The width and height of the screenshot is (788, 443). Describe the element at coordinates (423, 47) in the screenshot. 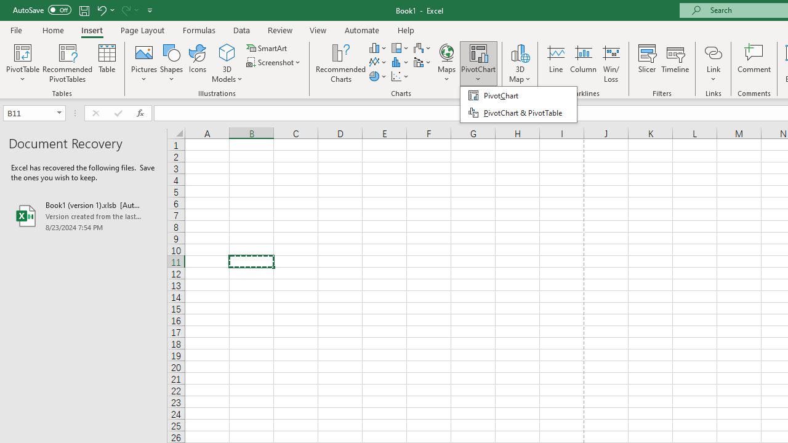

I see `'Insert Waterfall, Funnel, Stock, Surface, or Radar Chart'` at that location.